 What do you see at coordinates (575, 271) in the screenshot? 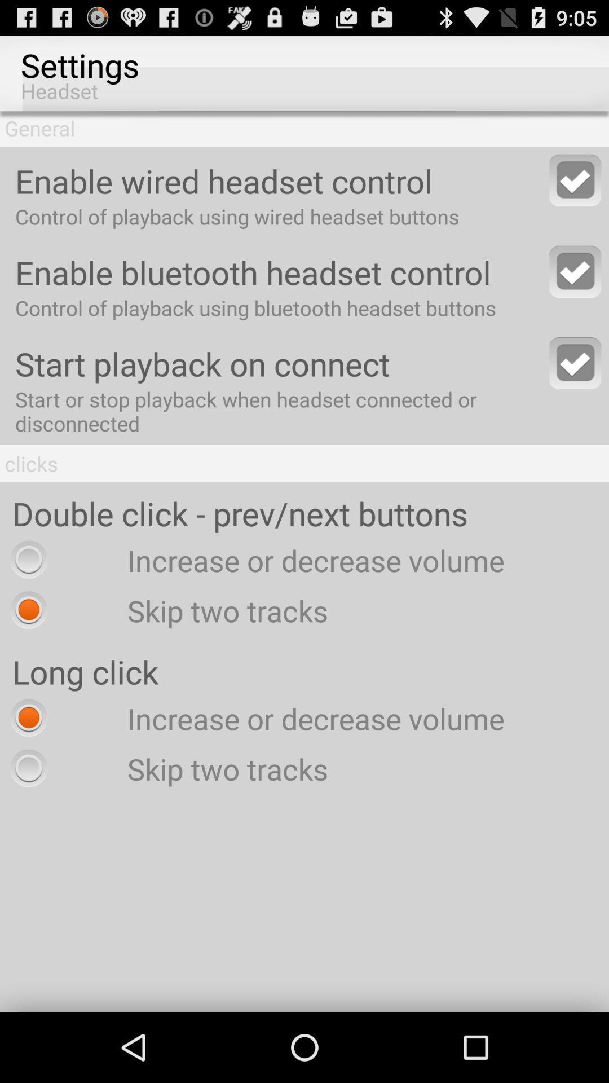
I see `bluetooth headset control` at bounding box center [575, 271].